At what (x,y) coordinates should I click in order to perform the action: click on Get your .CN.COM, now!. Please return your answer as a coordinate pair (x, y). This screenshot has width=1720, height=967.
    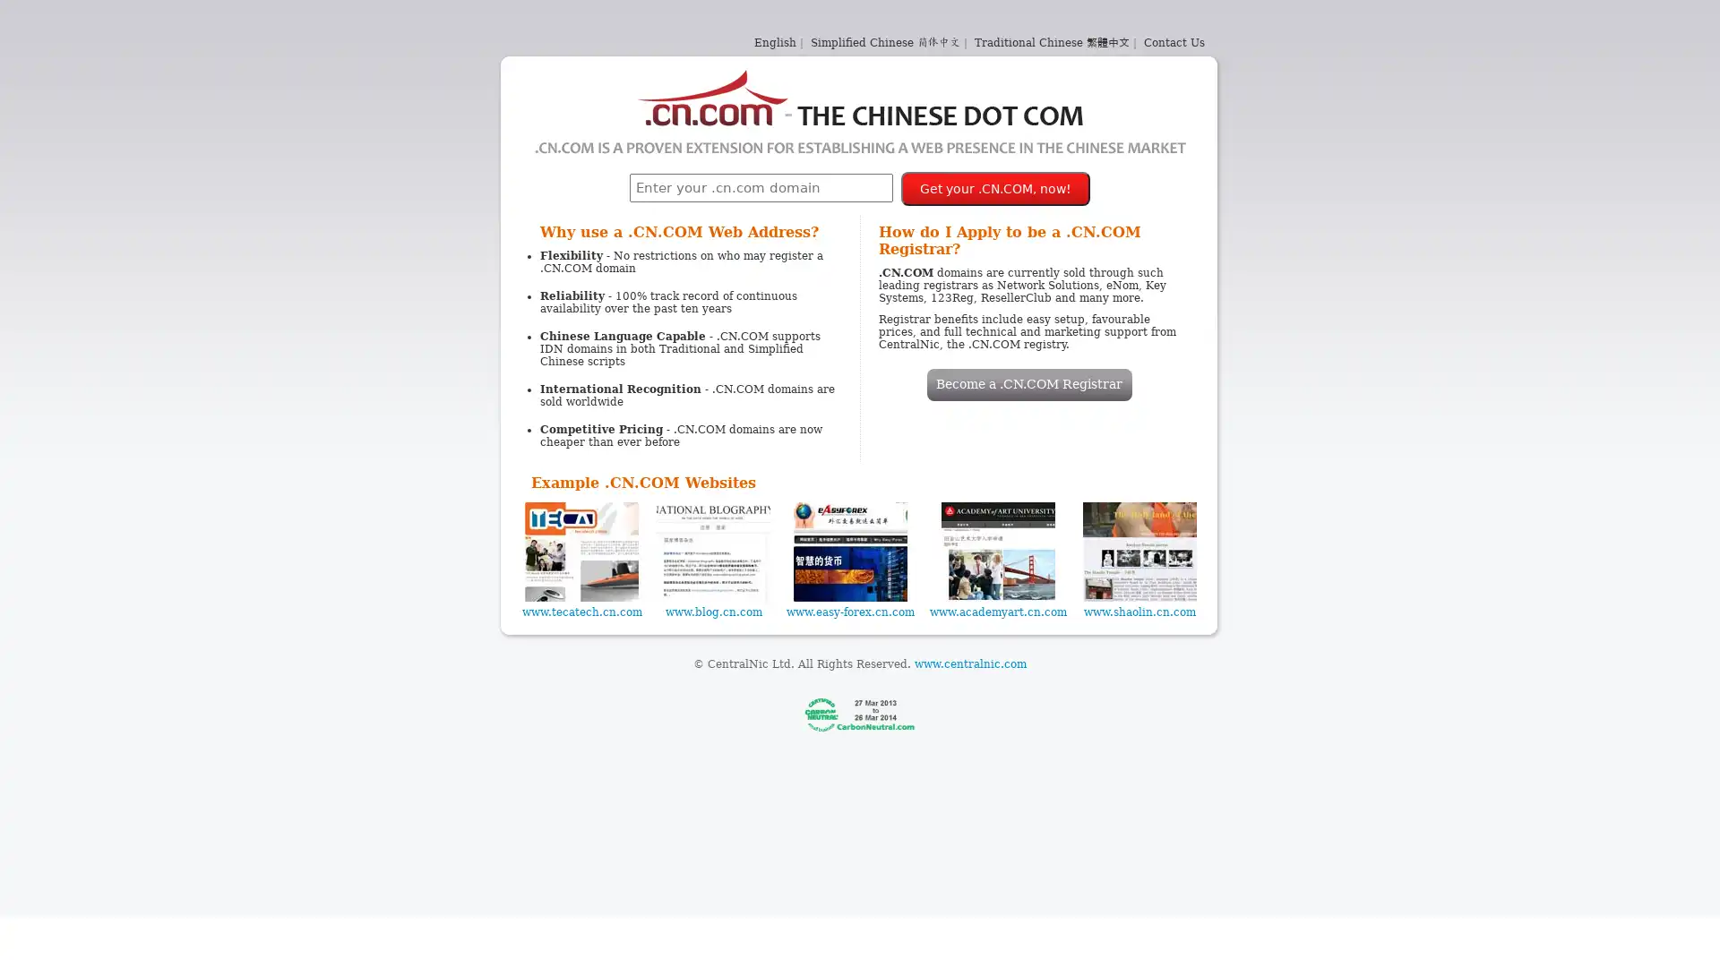
    Looking at the image, I should click on (994, 189).